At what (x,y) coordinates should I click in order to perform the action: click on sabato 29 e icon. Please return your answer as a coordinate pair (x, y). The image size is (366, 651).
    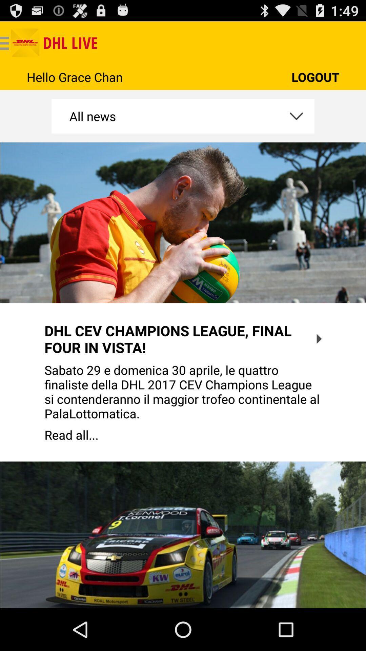
    Looking at the image, I should click on (183, 392).